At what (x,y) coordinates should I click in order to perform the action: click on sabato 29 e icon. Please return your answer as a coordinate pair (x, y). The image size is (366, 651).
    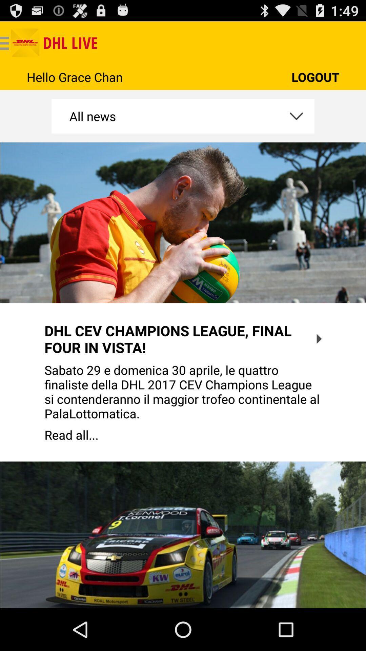
    Looking at the image, I should click on (183, 392).